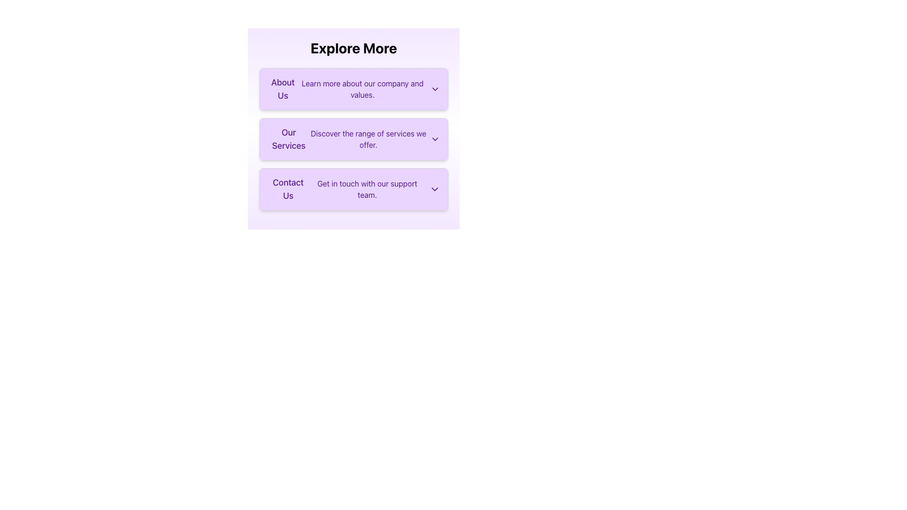 This screenshot has width=907, height=510. What do you see at coordinates (353, 189) in the screenshot?
I see `the 'Contact Us' informative panel, which has a light purple background, bold text, and a downward-chevron icon` at bounding box center [353, 189].